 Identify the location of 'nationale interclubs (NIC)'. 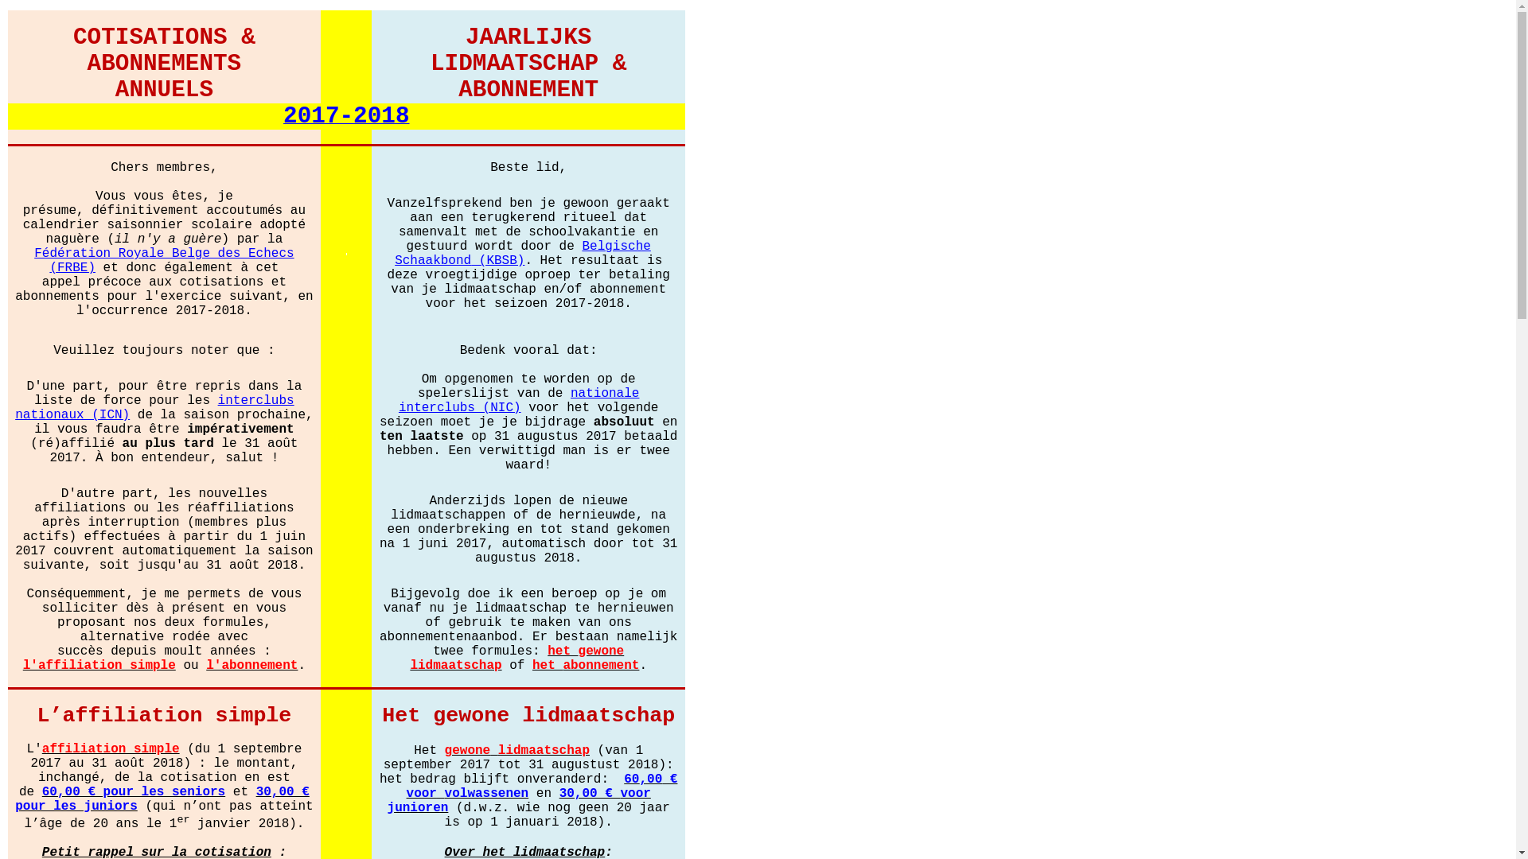
(519, 398).